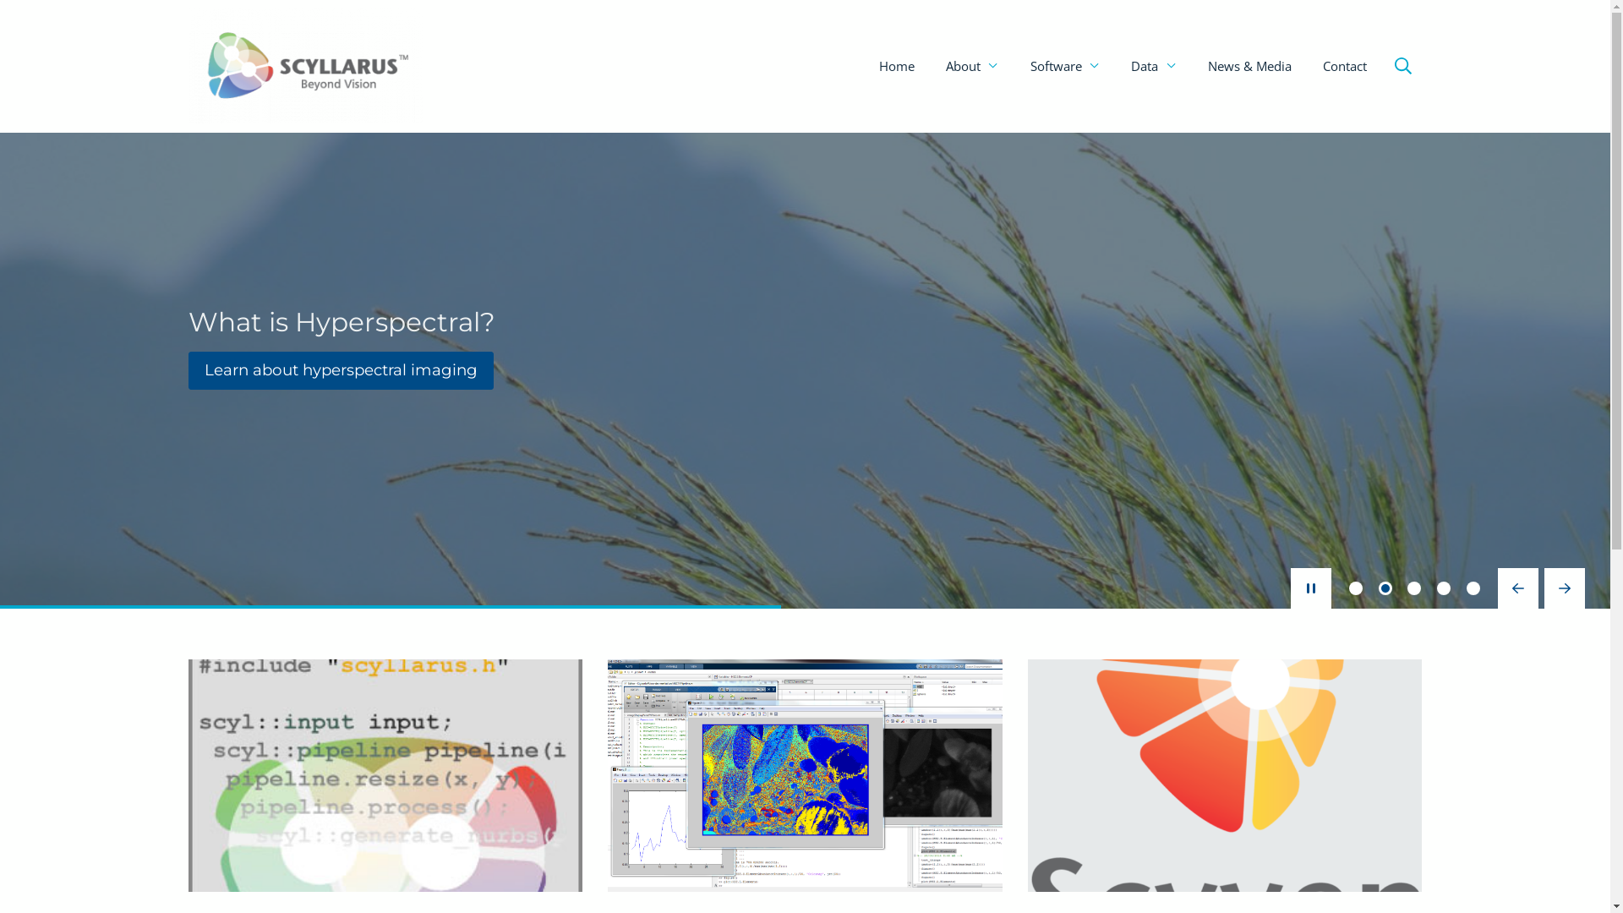  What do you see at coordinates (895, 65) in the screenshot?
I see `'Home'` at bounding box center [895, 65].